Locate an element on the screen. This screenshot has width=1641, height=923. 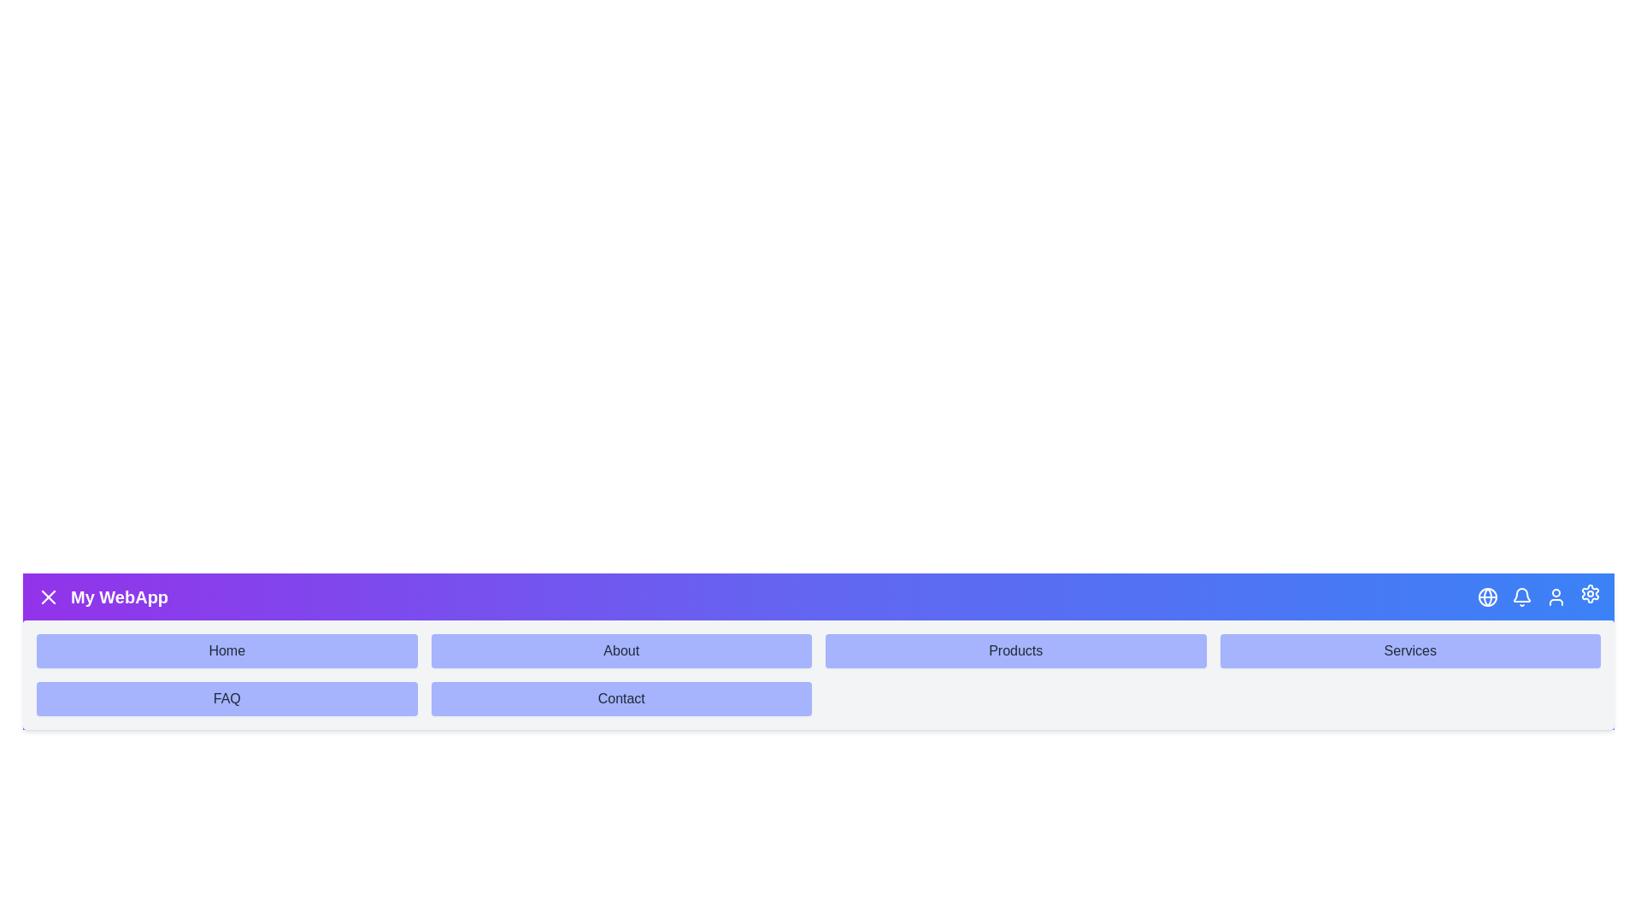
the Profile button in the header is located at coordinates (1556, 596).